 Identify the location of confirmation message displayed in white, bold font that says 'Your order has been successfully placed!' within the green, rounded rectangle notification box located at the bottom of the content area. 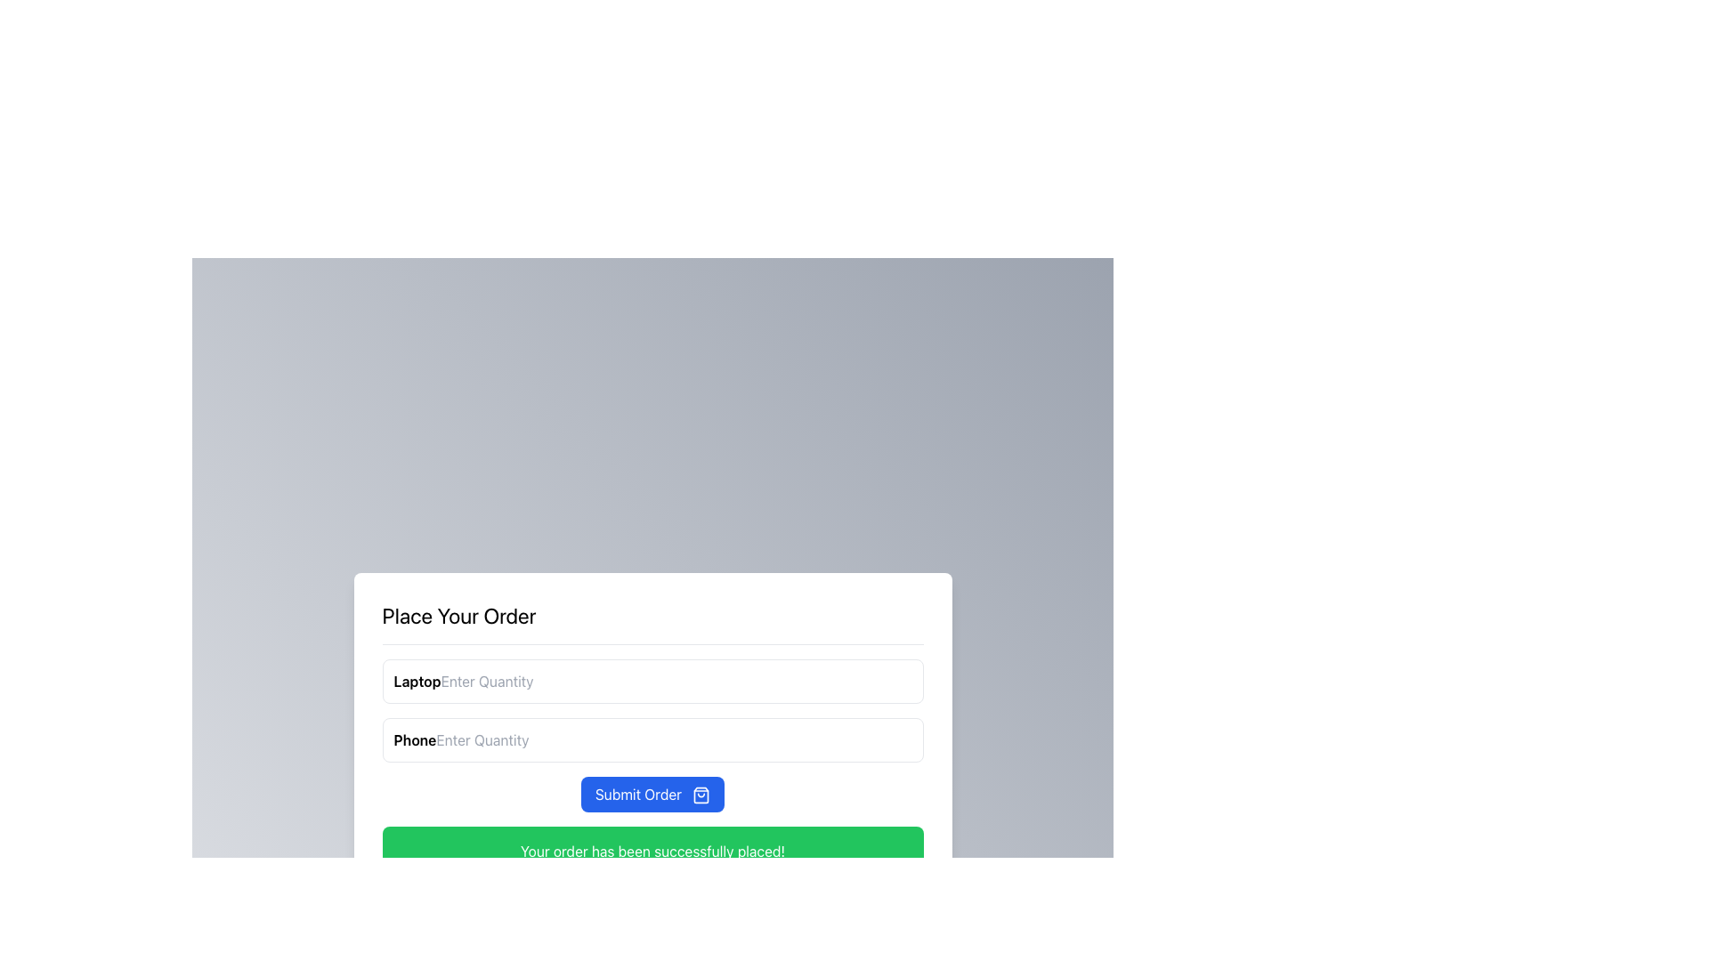
(652, 850).